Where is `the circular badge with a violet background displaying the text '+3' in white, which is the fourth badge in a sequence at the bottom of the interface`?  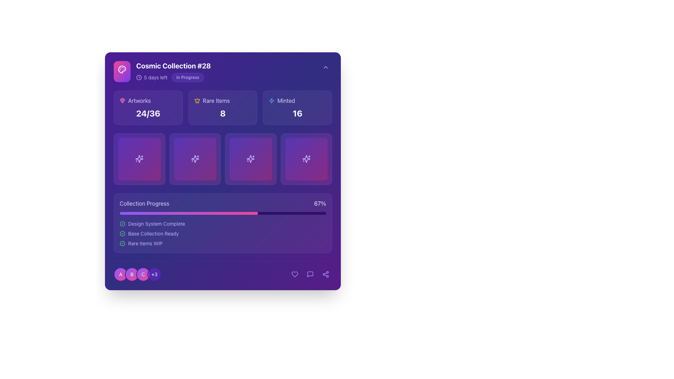 the circular badge with a violet background displaying the text '+3' in white, which is the fourth badge in a sequence at the bottom of the interface is located at coordinates (154, 274).